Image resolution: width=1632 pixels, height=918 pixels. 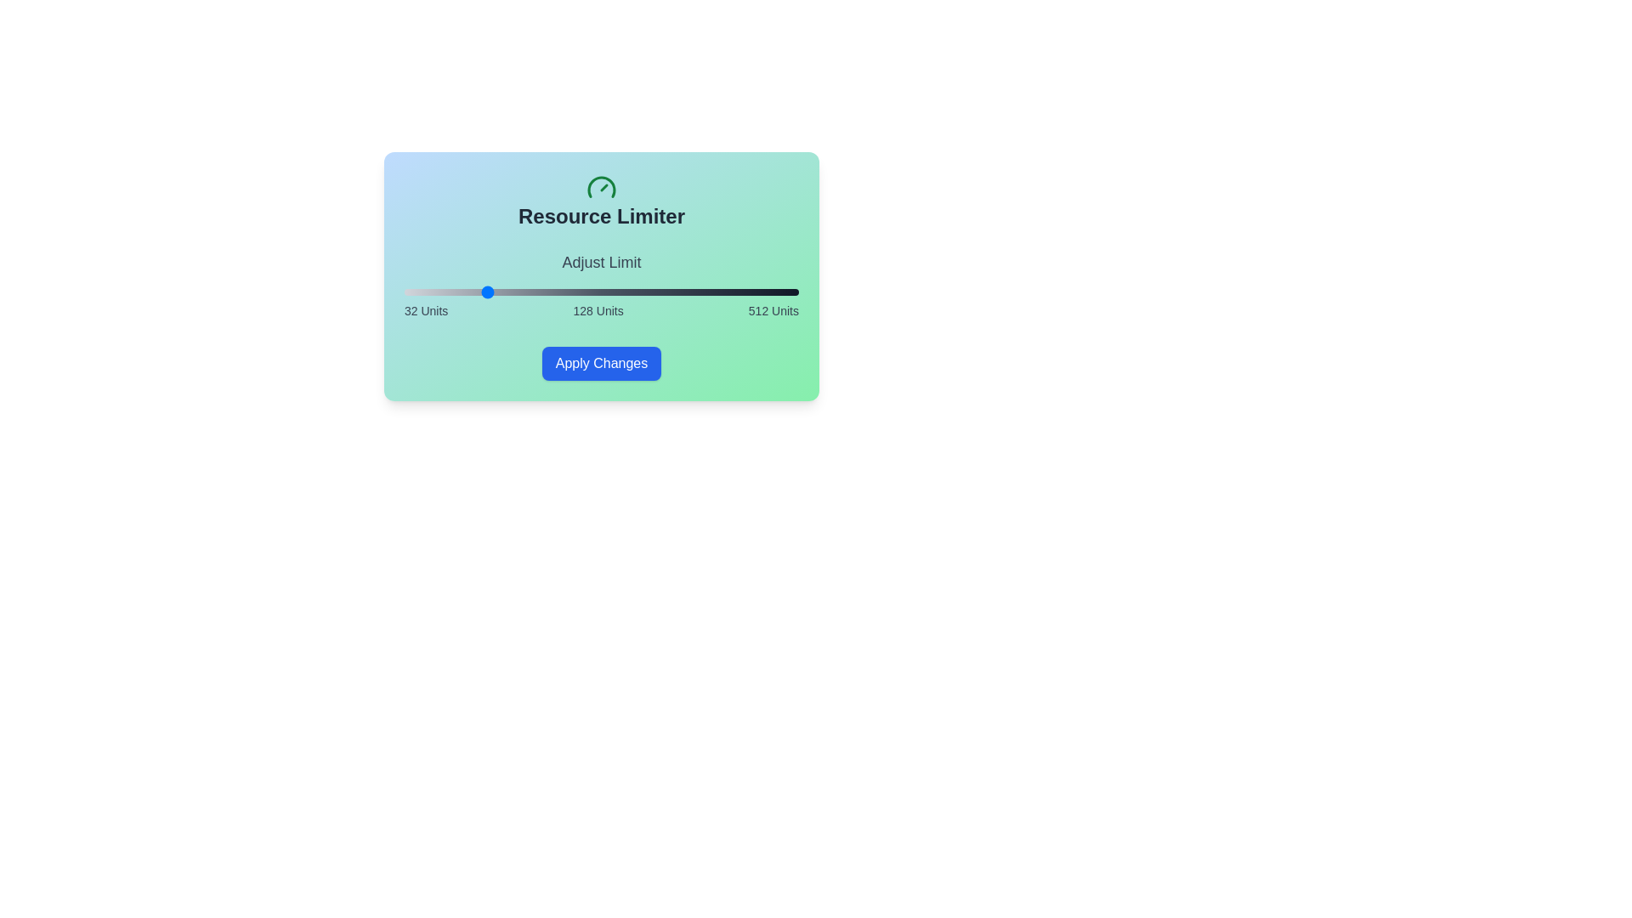 I want to click on the slider to set its value to 436, so click(x=736, y=291).